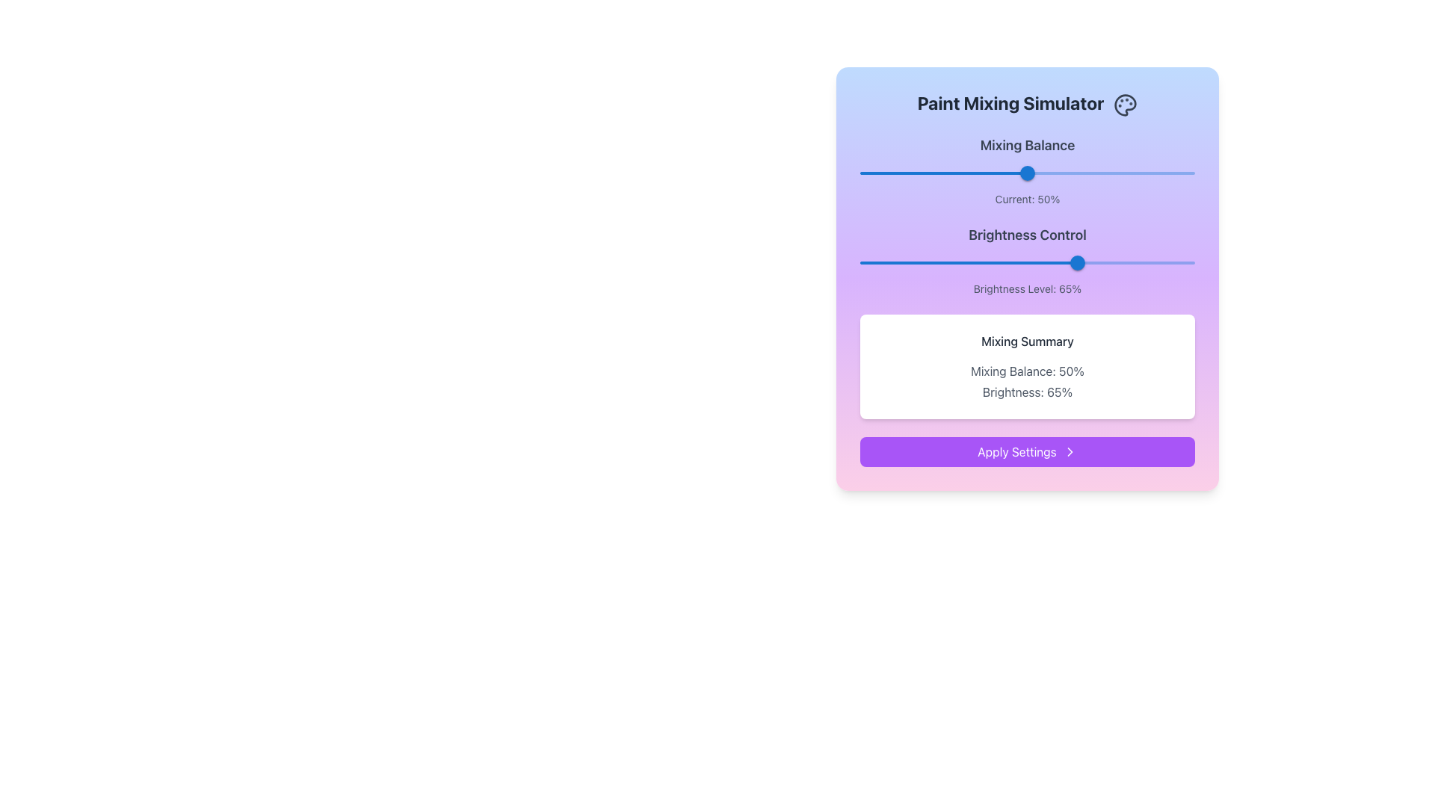  What do you see at coordinates (913, 172) in the screenshot?
I see `the mixing balance` at bounding box center [913, 172].